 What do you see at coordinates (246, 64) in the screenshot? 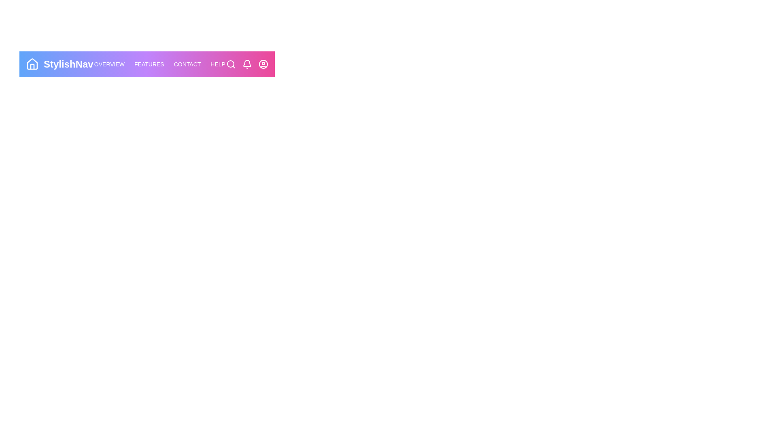
I see `the Bell icon in the StyledAppBar` at bounding box center [246, 64].